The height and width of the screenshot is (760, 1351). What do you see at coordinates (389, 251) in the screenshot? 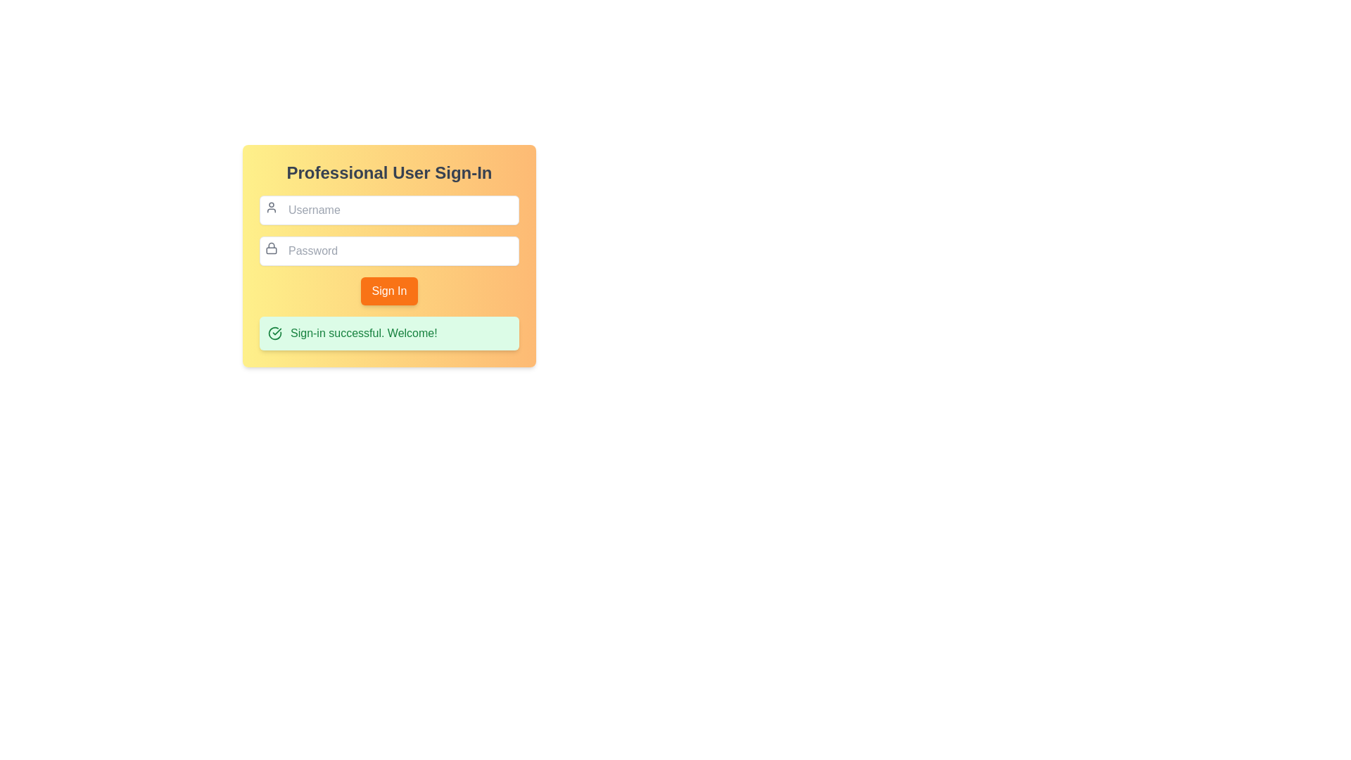
I see `the Password Input Field located in the 'Professional User Sign-In' form` at bounding box center [389, 251].